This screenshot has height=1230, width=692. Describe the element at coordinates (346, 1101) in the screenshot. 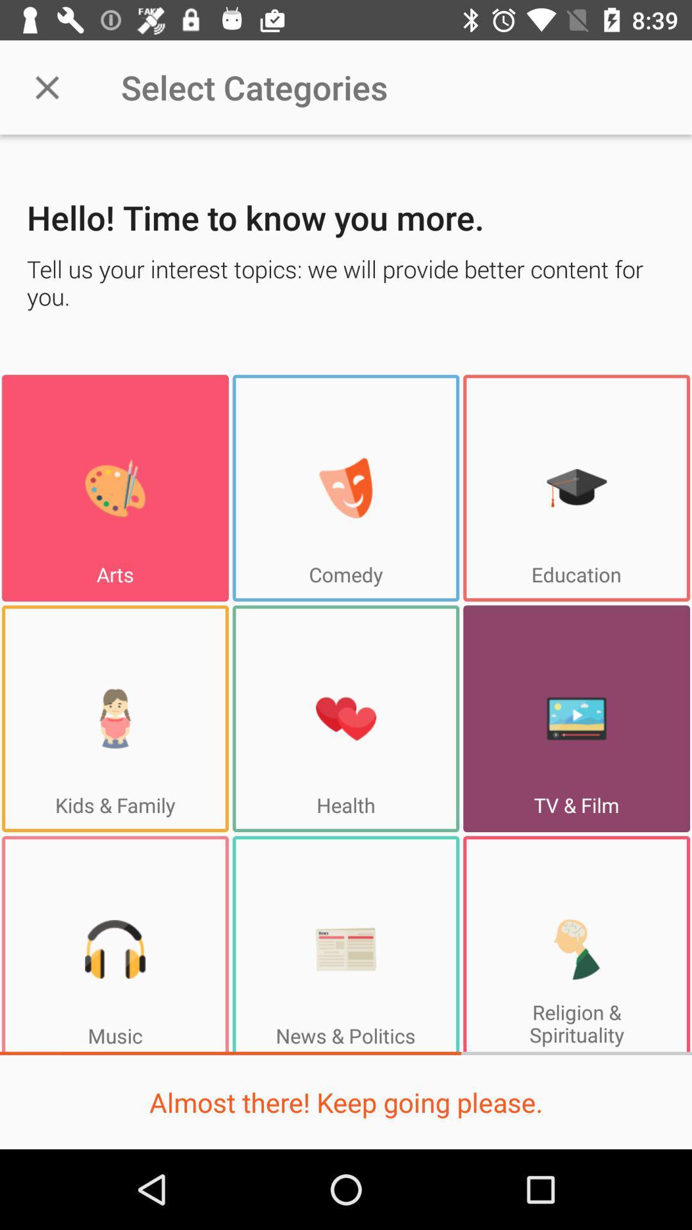

I see `almost there keep icon` at that location.